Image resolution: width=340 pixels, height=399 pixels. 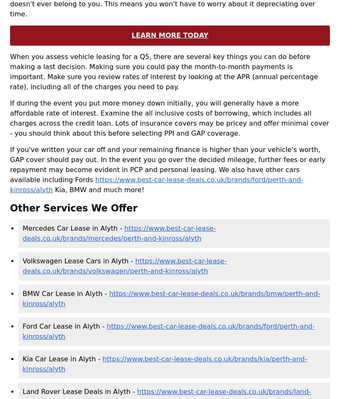 I want to click on 'Kia Car Lease in Alyth -', so click(x=62, y=359).